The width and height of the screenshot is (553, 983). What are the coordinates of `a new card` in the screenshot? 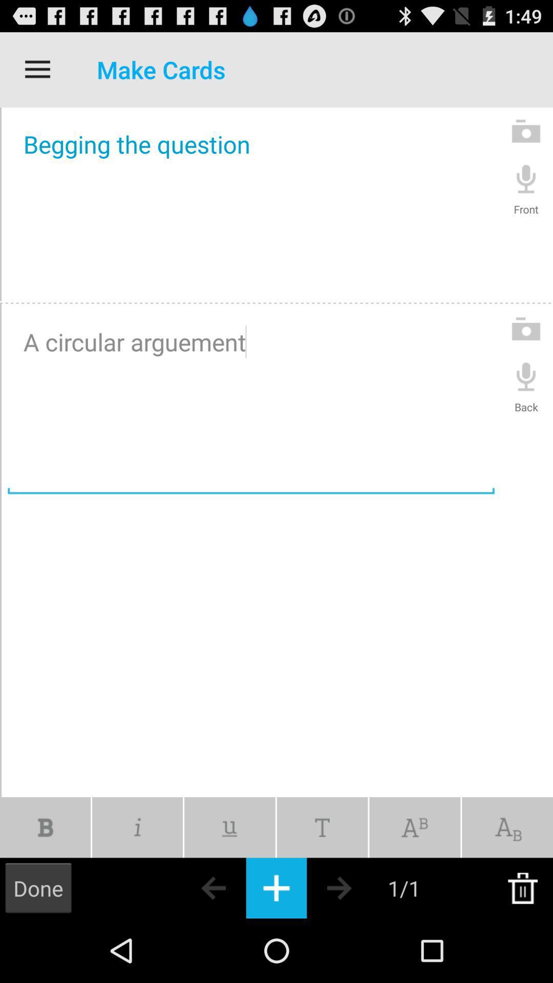 It's located at (276, 887).